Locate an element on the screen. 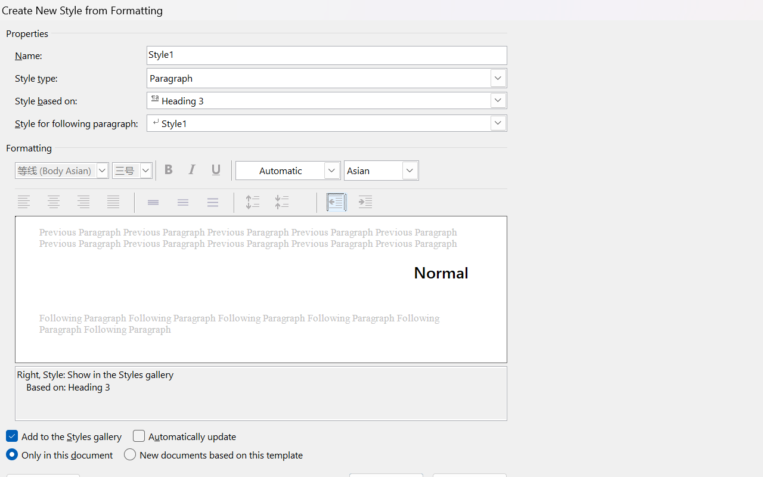  'Add to the Styles gallery' is located at coordinates (64, 436).